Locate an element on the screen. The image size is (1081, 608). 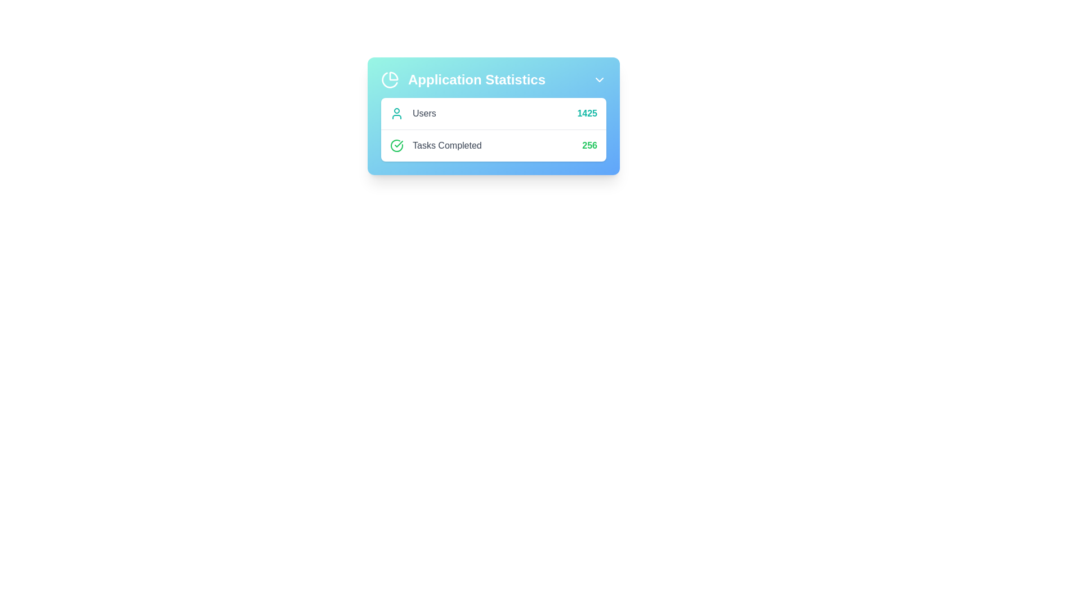
the first informational row displaying the number of users for the system, which is located above the 'Tasks Completed' row is located at coordinates (494, 113).